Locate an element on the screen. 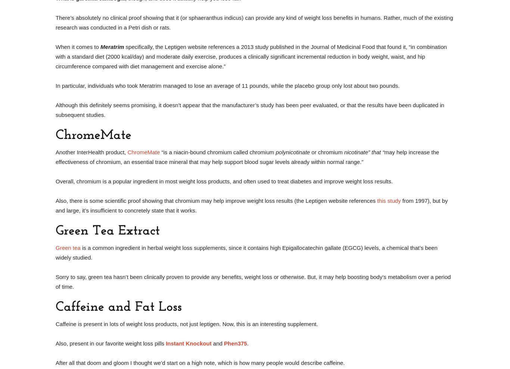 Image resolution: width=510 pixels, height=369 pixels. 'polynicotinate' is located at coordinates (292, 152).